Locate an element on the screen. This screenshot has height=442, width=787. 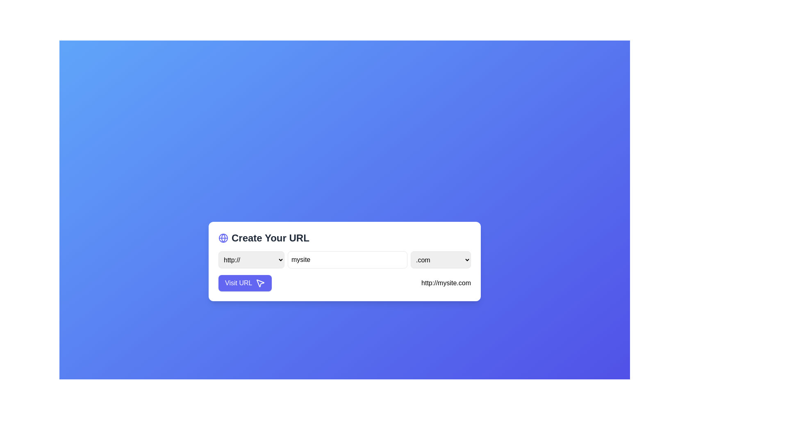
the triangular-shaped vector graphic indicating a pointer, located at the bottom-right of the 'Visit URL' button is located at coordinates (260, 283).